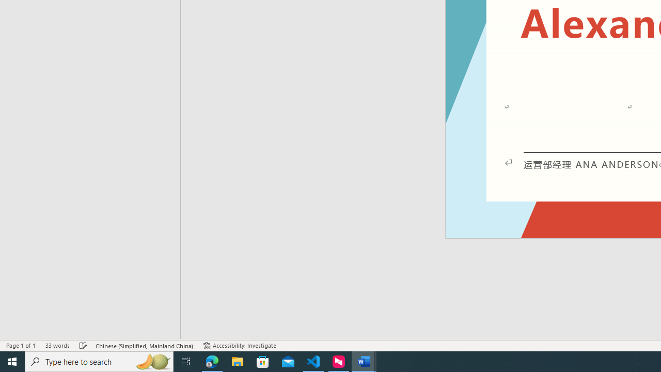 Image resolution: width=661 pixels, height=372 pixels. Describe the element at coordinates (21, 346) in the screenshot. I see `'Page Number Page 1 of 1'` at that location.